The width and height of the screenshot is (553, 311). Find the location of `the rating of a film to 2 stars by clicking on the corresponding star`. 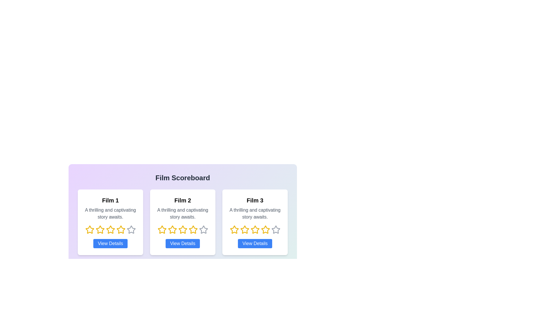

the rating of a film to 2 stars by clicking on the corresponding star is located at coordinates (100, 230).